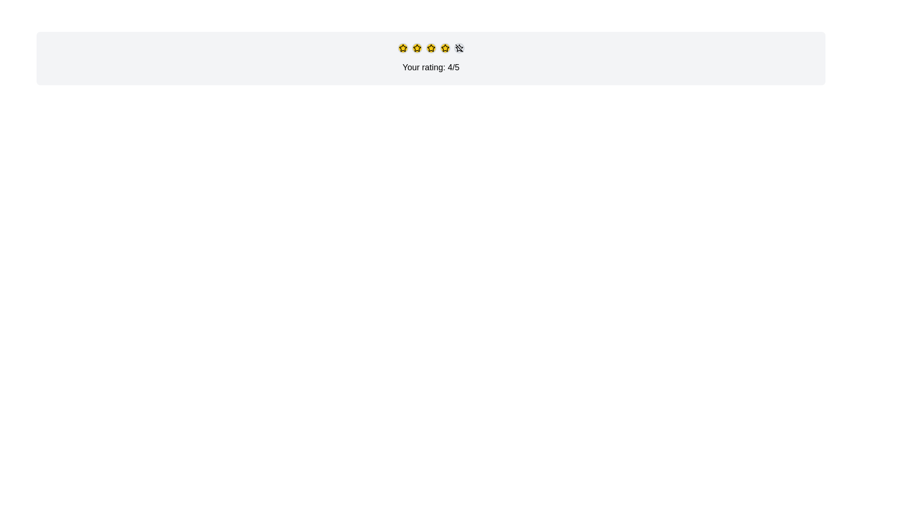 This screenshot has height=506, width=900. Describe the element at coordinates (430, 48) in the screenshot. I see `the fourth yellow star icon in the rating sequence` at that location.